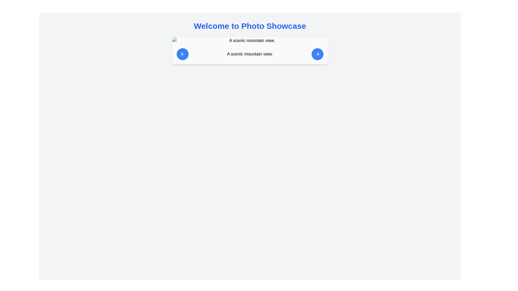 The image size is (518, 291). What do you see at coordinates (182, 54) in the screenshot?
I see `the leftward-pointing arrow icon within the circular button, which is located to the left of the text 'A scenic mountain view'` at bounding box center [182, 54].